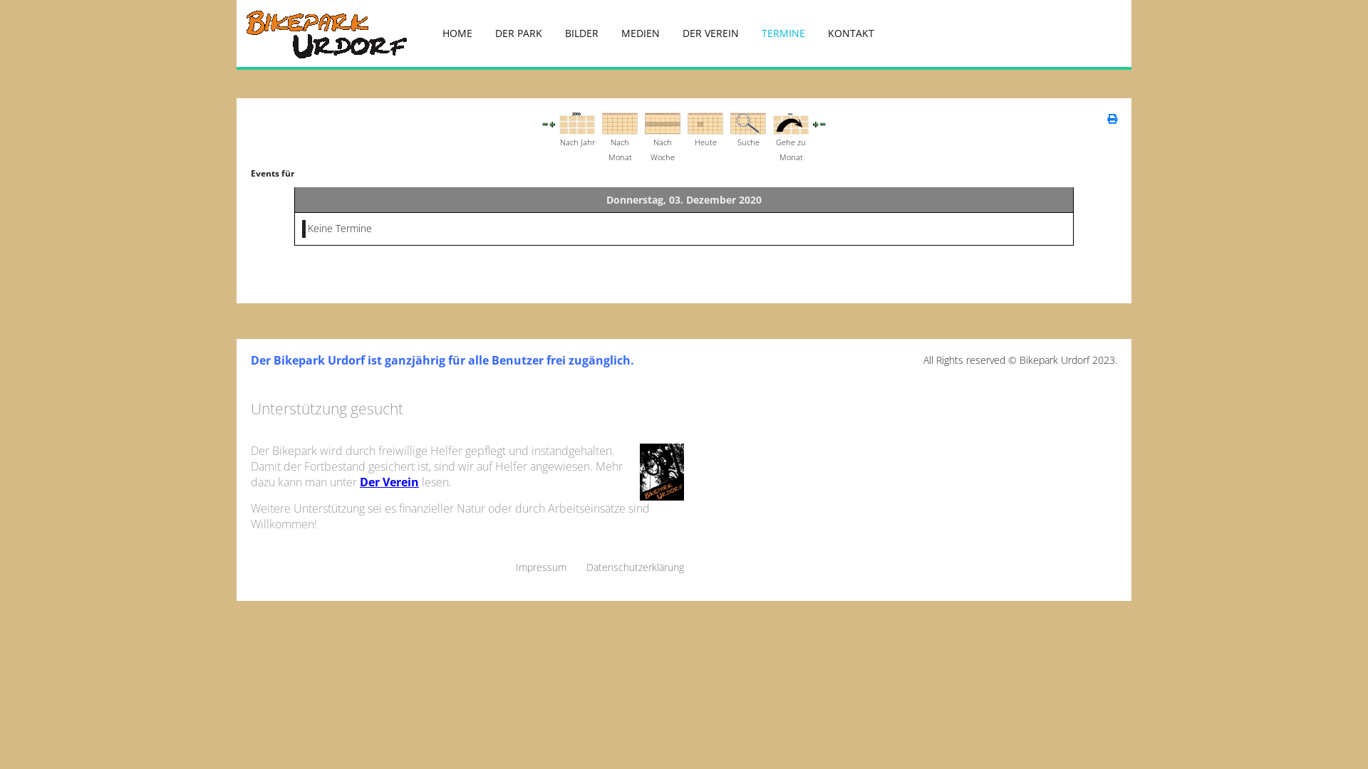  I want to click on 'Gehe zu Monat', so click(789, 121).